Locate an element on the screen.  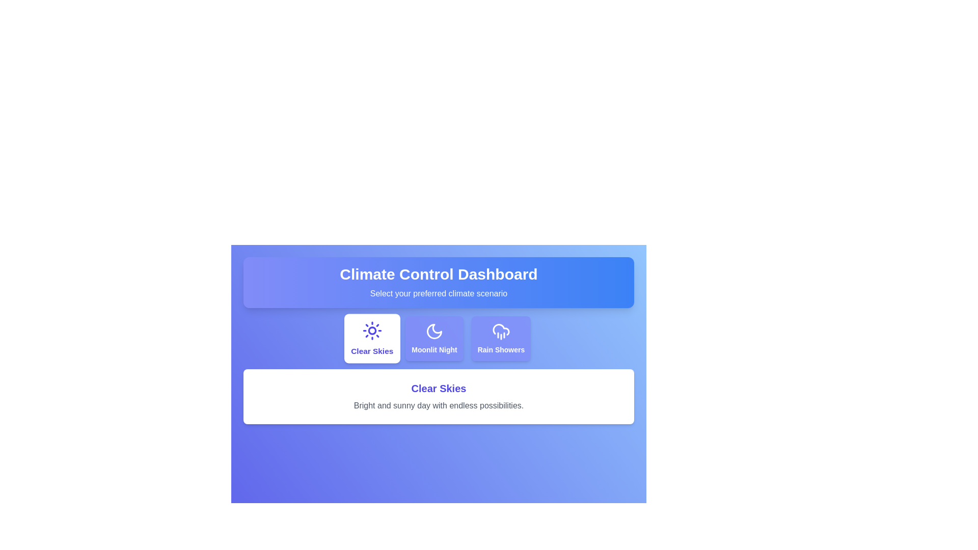
the climate scenario tab labeled Rain Showers is located at coordinates (501, 338).